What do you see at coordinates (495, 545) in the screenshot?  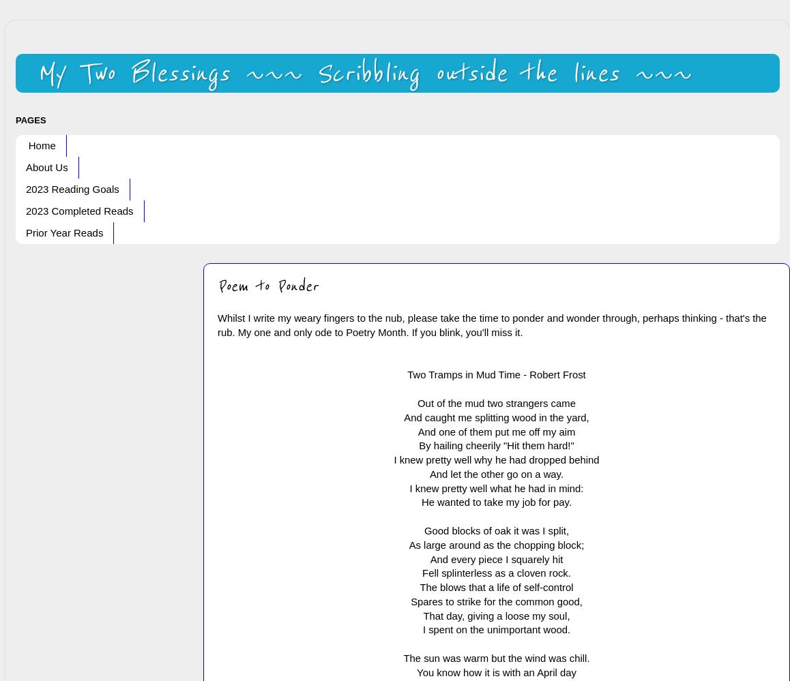 I see `'As large around as the chopping block;'` at bounding box center [495, 545].